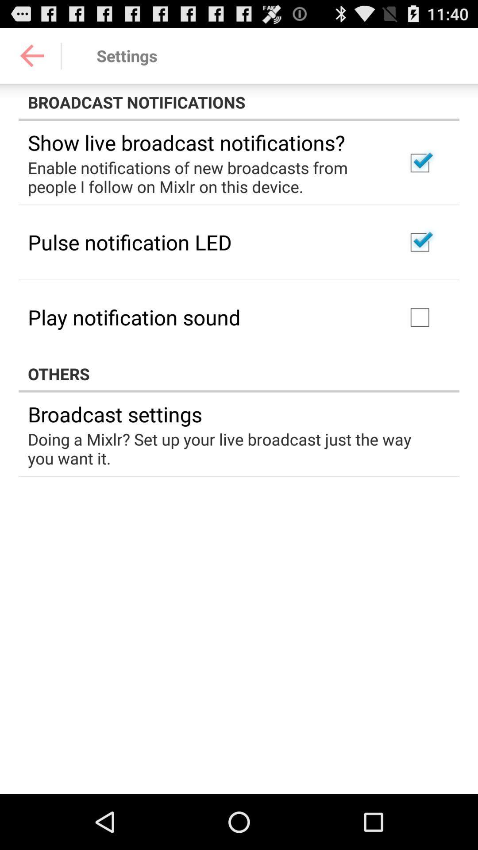 The width and height of the screenshot is (478, 850). Describe the element at coordinates (134, 317) in the screenshot. I see `the item above the others` at that location.